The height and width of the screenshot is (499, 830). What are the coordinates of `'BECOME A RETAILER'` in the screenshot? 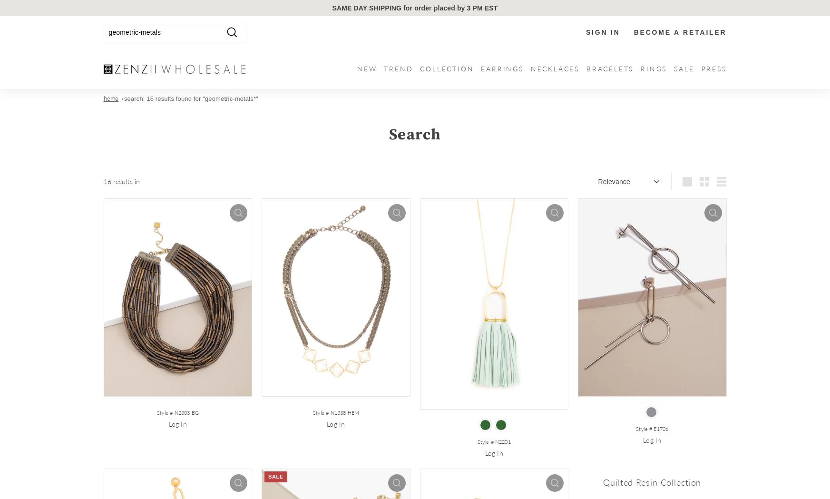 It's located at (679, 32).